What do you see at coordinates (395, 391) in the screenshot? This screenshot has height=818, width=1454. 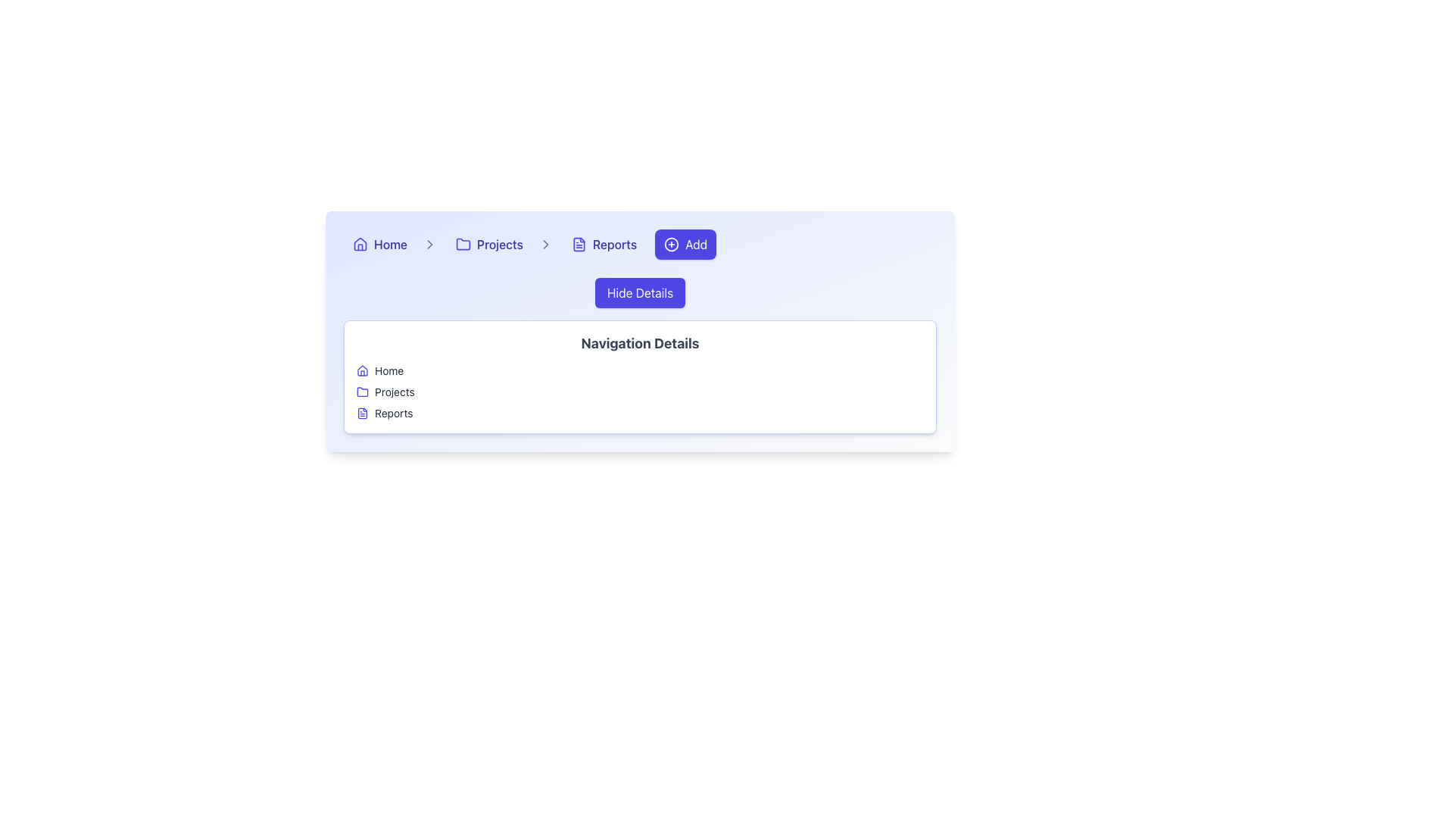 I see `the 'Projects' text label located below the navigation bar, adjacent to the indigo-colored folder icon` at bounding box center [395, 391].